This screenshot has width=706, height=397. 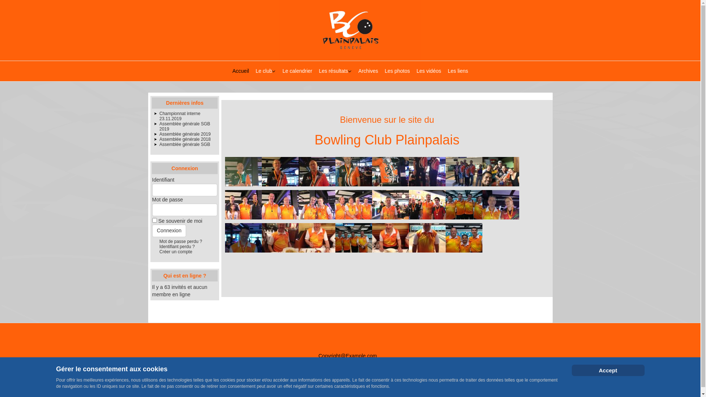 What do you see at coordinates (240, 71) in the screenshot?
I see `'Accueil'` at bounding box center [240, 71].